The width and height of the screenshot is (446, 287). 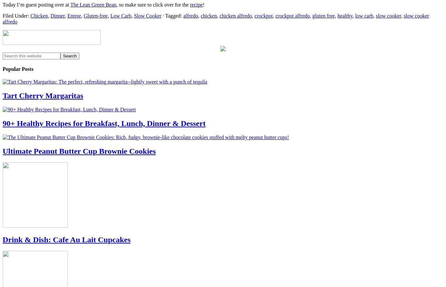 I want to click on 'Filed Under:', so click(x=16, y=15).